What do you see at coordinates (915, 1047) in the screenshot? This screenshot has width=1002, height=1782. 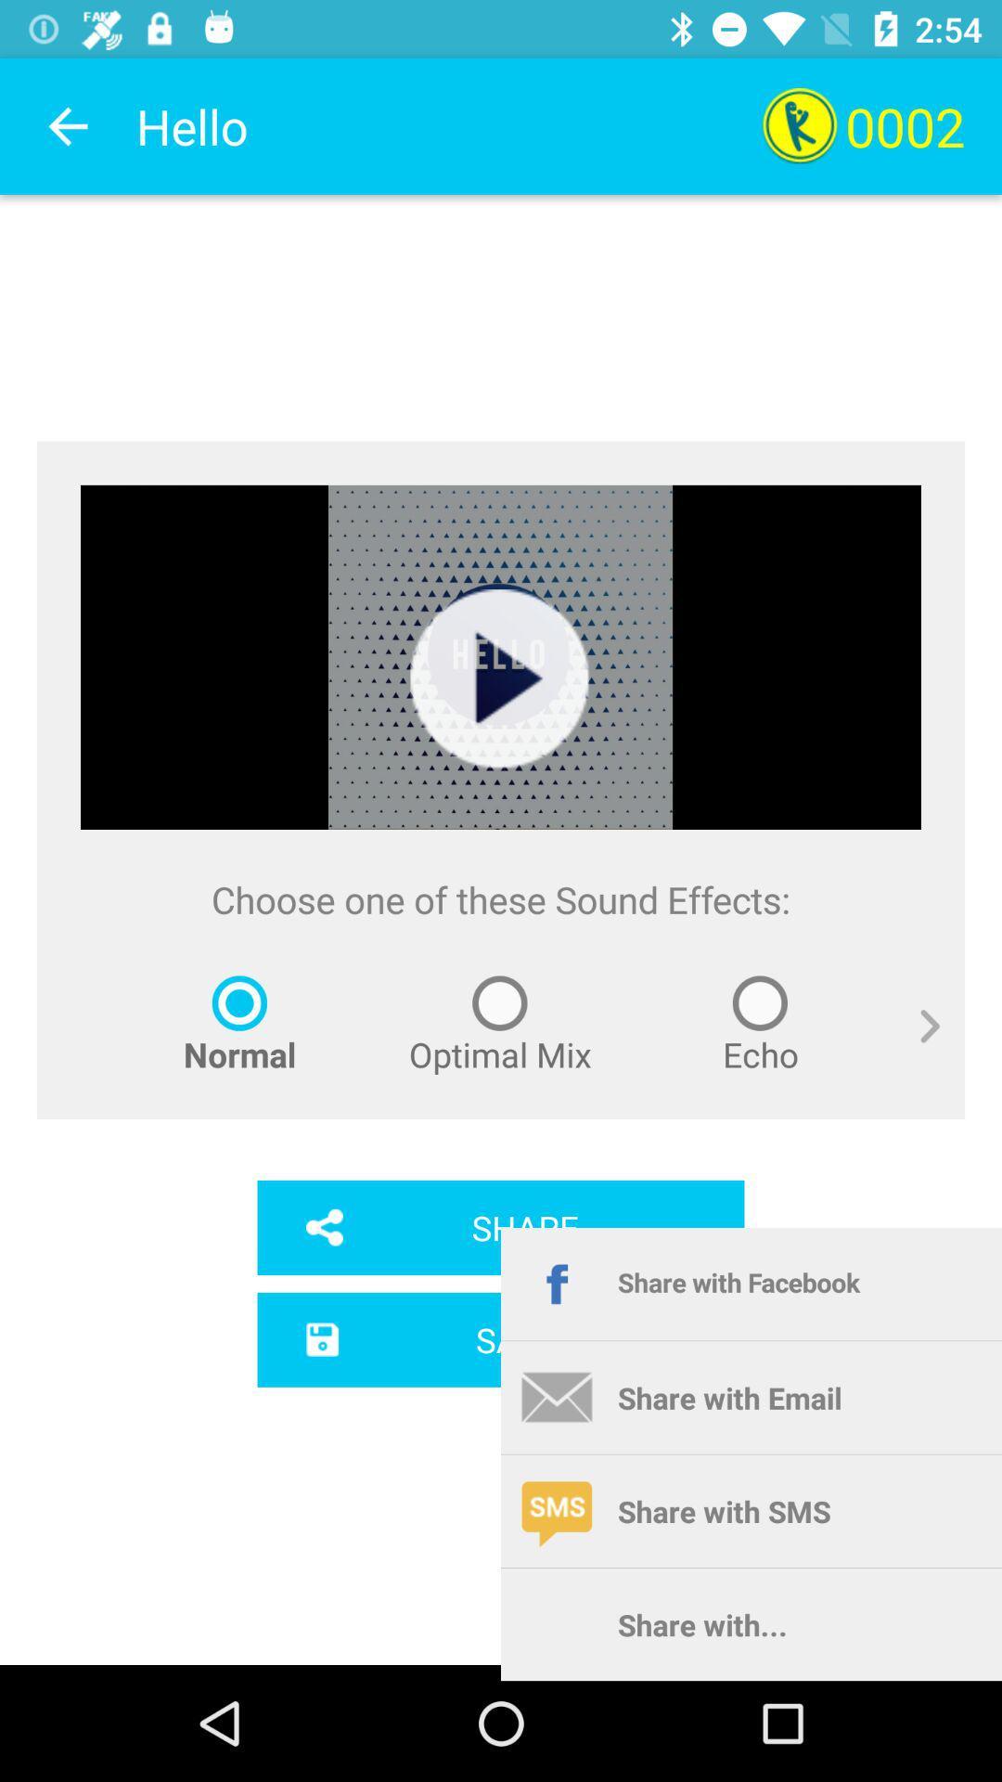 I see `item to the right of the stage icon` at bounding box center [915, 1047].